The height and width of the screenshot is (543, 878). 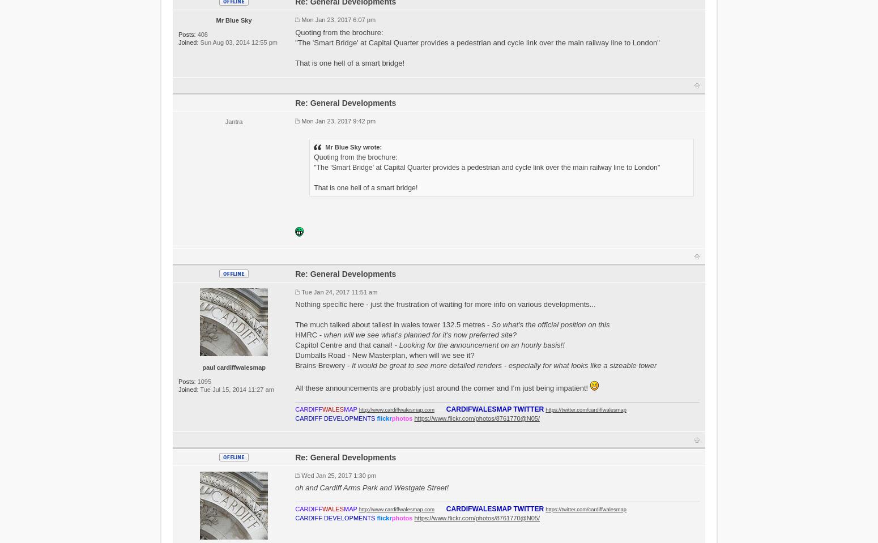 What do you see at coordinates (224, 121) in the screenshot?
I see `'Jantra'` at bounding box center [224, 121].